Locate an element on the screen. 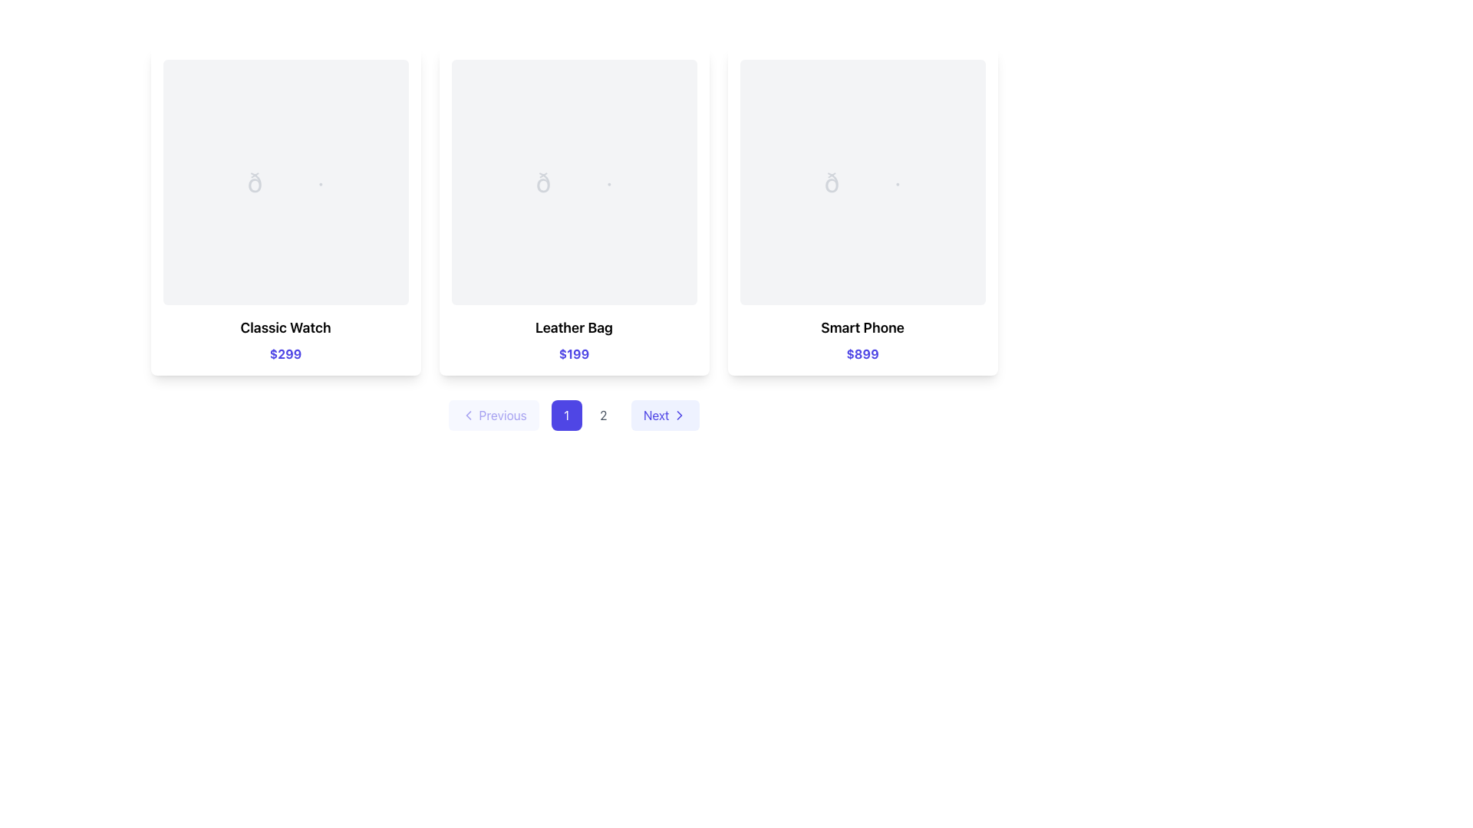 The image size is (1473, 828). the image placeholder located at the upper part of the 'Classic Watch' card, which is centered horizontally and serves as the visual focus of the card is located at coordinates (285, 182).